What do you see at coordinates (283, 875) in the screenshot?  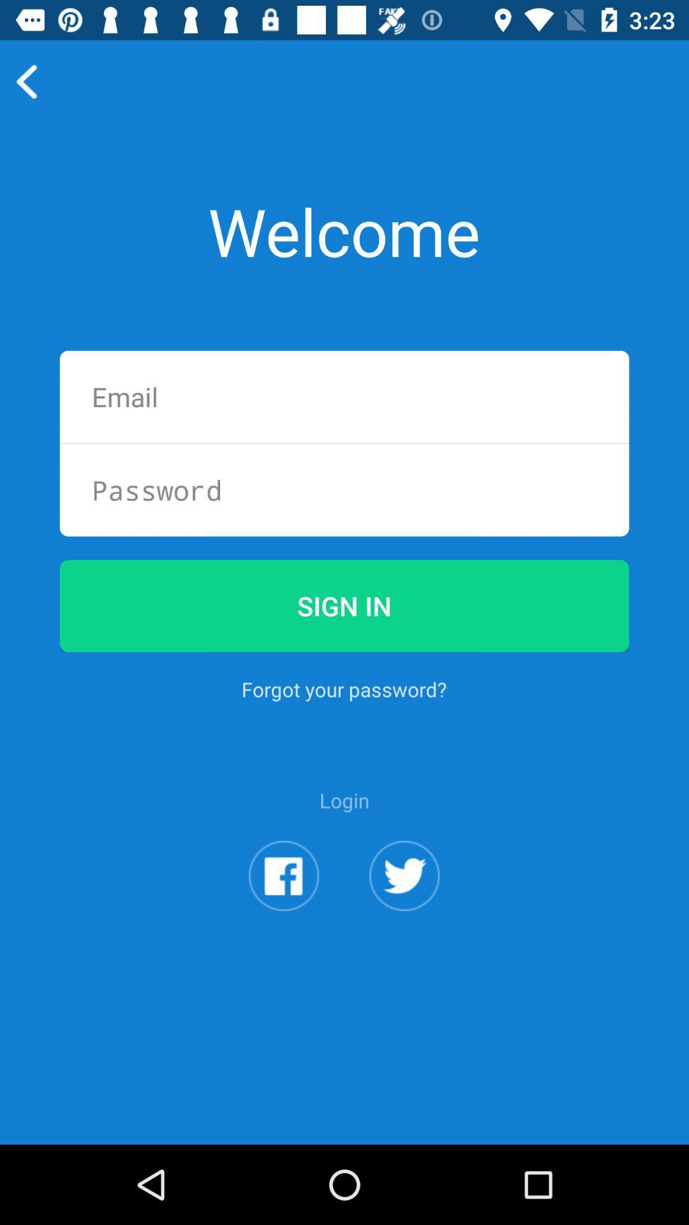 I see `facebook` at bounding box center [283, 875].